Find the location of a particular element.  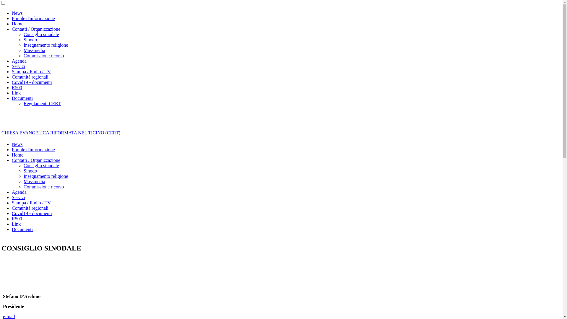

'R500' is located at coordinates (17, 87).